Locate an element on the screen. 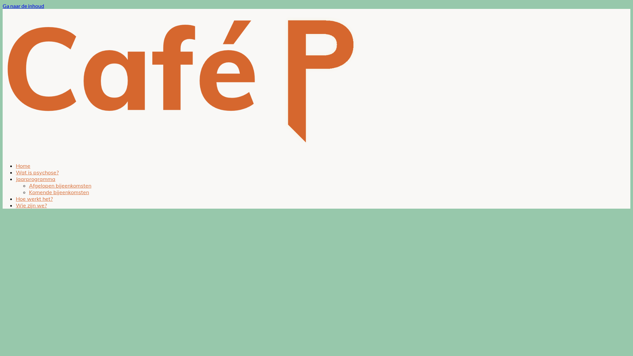  'Home' is located at coordinates (23, 165).